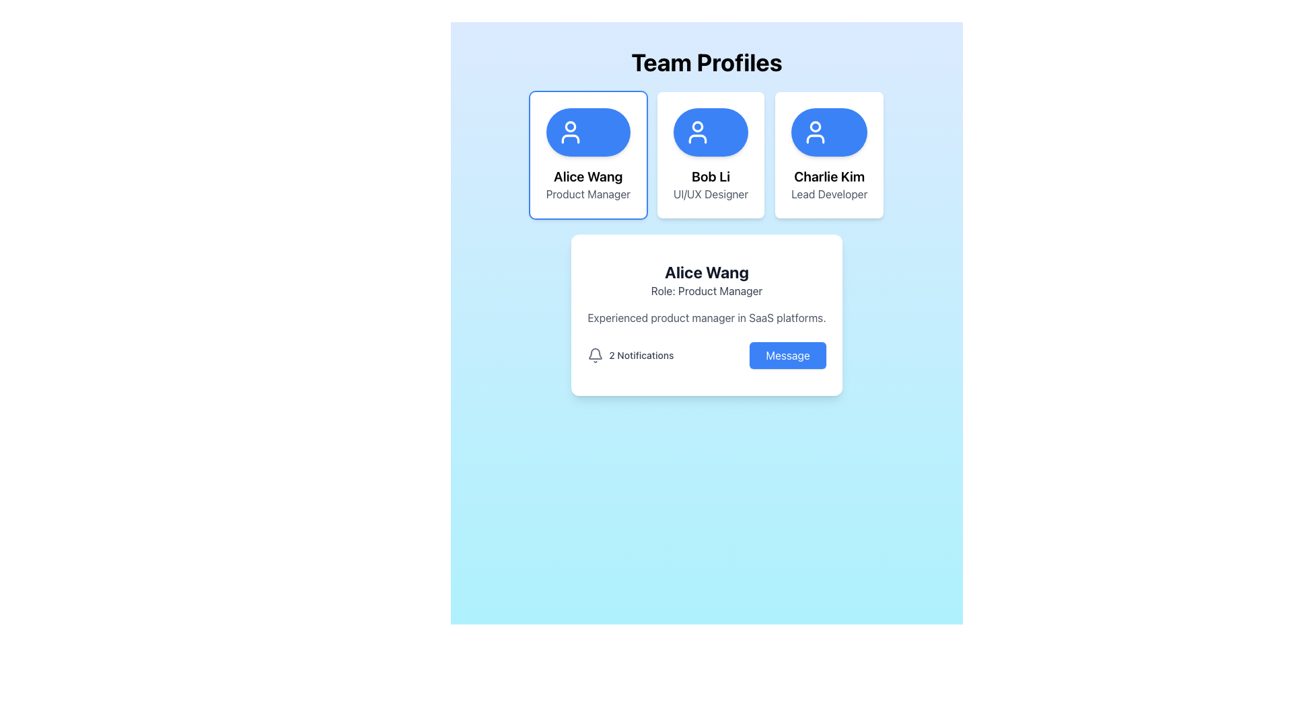 This screenshot has width=1292, height=726. What do you see at coordinates (697, 132) in the screenshot?
I see `the user profile icon for 'Bob Li'` at bounding box center [697, 132].